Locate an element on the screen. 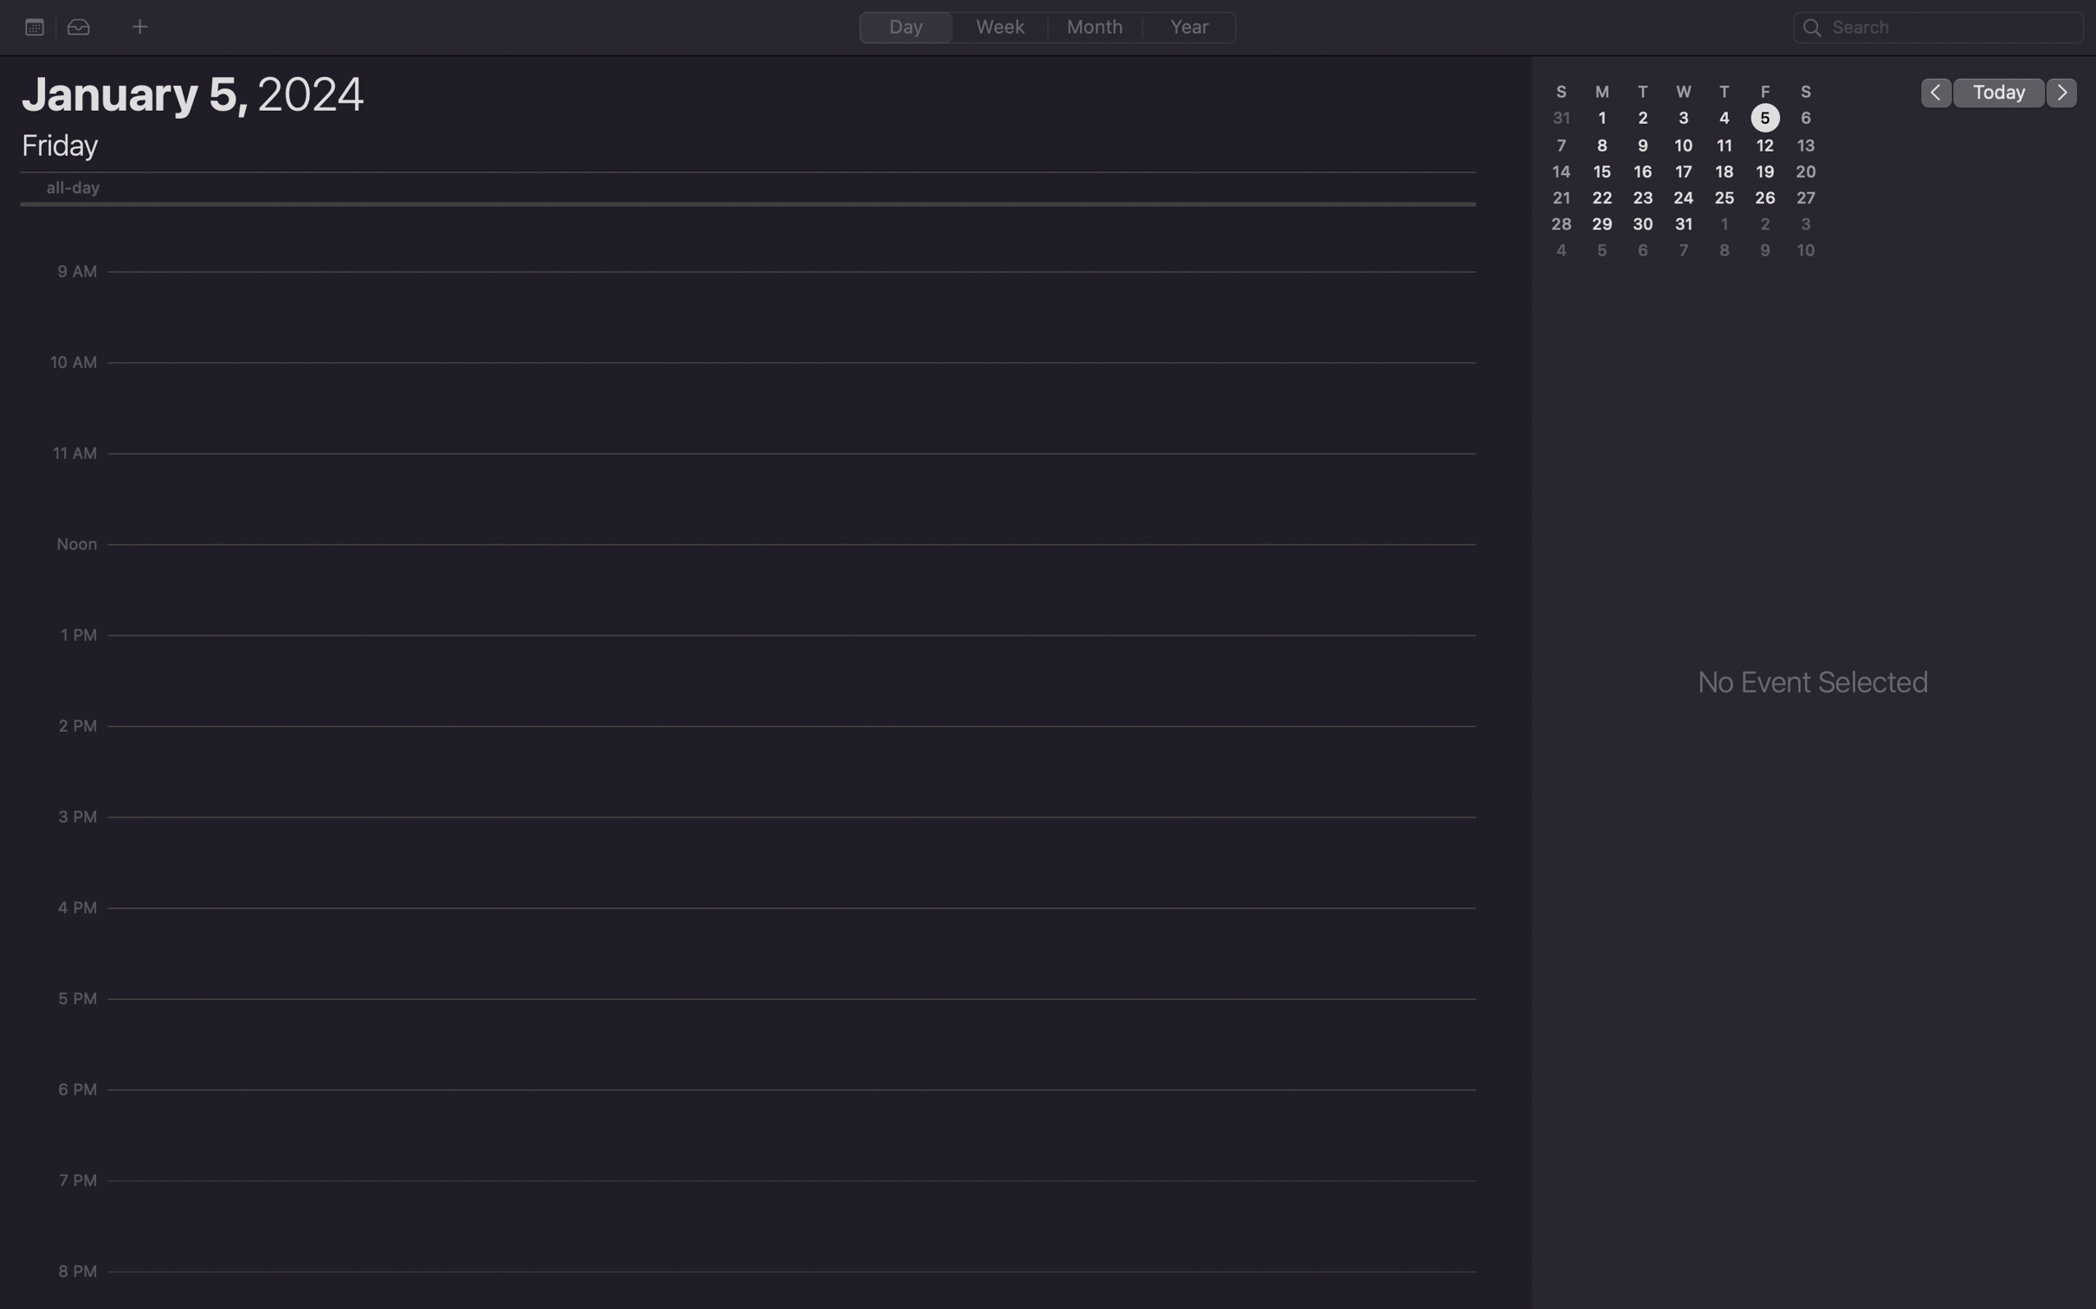 This screenshot has height=1309, width=2096. Advance to the following day on the schedule is located at coordinates (2062, 91).